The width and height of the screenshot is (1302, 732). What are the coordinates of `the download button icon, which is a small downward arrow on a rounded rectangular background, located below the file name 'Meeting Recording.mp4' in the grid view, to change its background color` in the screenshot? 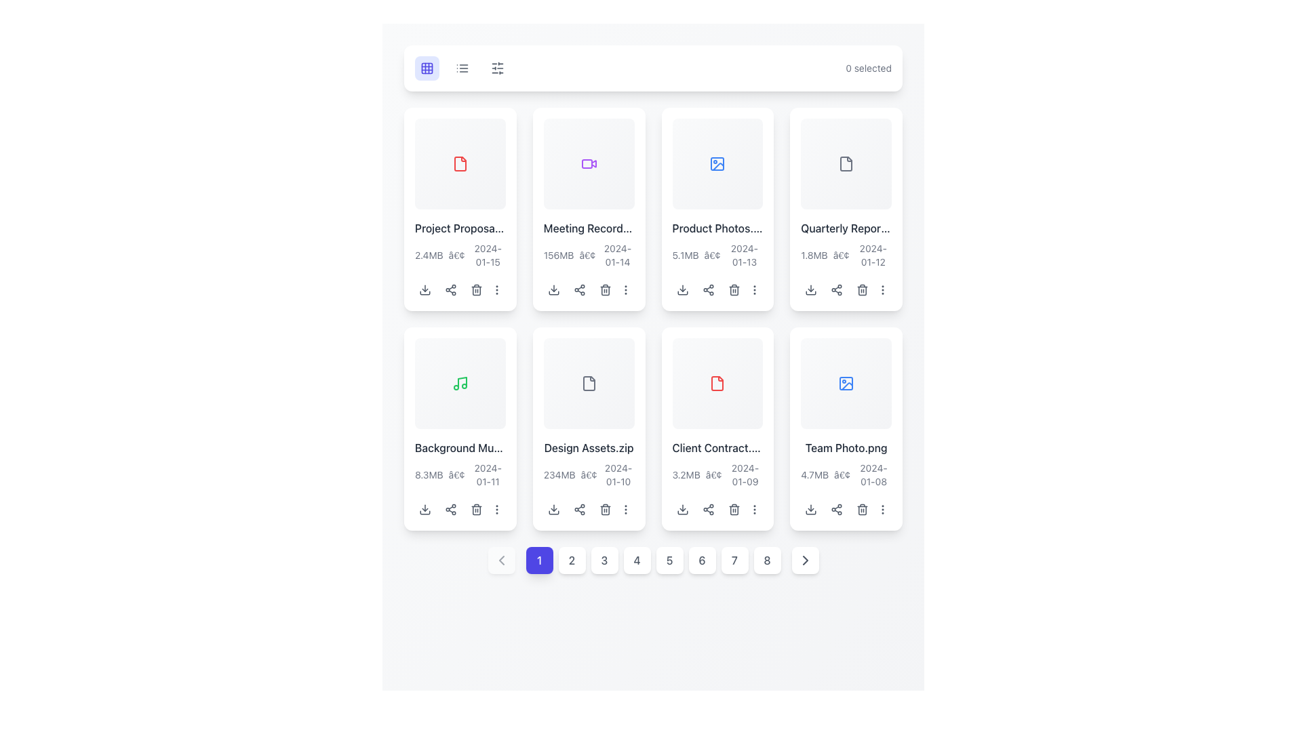 It's located at (553, 289).